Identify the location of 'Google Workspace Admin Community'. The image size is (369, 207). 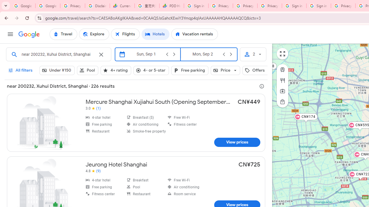
(23, 6).